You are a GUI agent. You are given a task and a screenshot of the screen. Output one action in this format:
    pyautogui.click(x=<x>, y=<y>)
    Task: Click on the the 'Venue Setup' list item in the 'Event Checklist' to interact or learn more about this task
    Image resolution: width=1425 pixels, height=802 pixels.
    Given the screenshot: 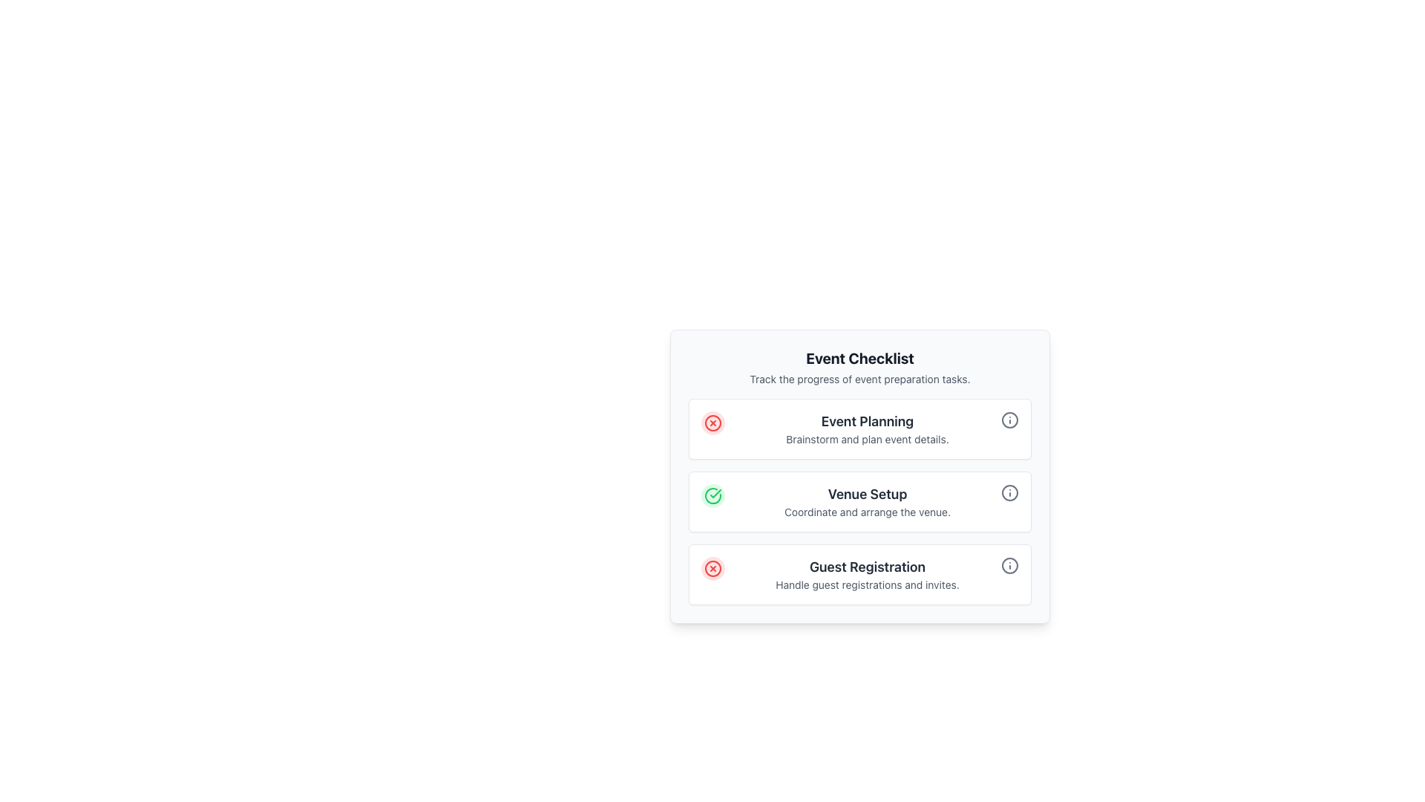 What is the action you would take?
    pyautogui.click(x=859, y=501)
    